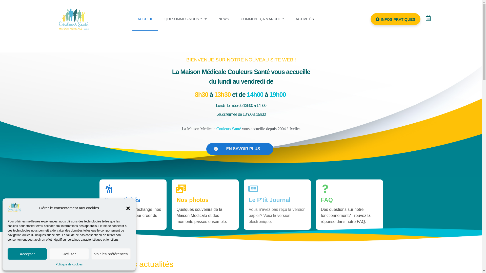  I want to click on 'INFOS PRATIQUES', so click(395, 19).